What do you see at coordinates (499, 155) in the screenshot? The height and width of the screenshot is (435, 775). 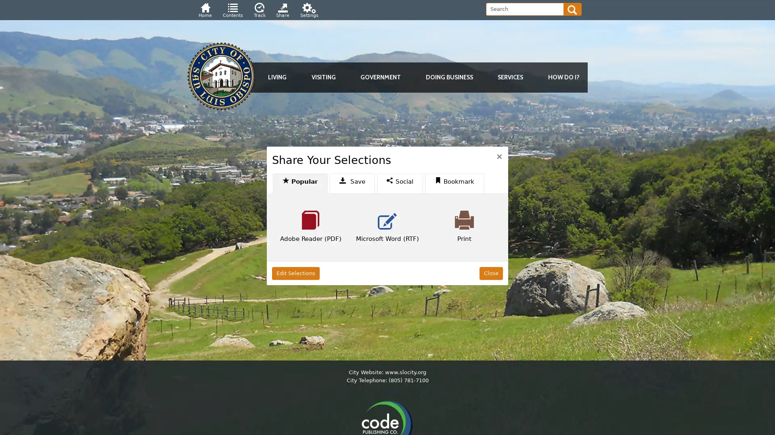 I see `Close` at bounding box center [499, 155].